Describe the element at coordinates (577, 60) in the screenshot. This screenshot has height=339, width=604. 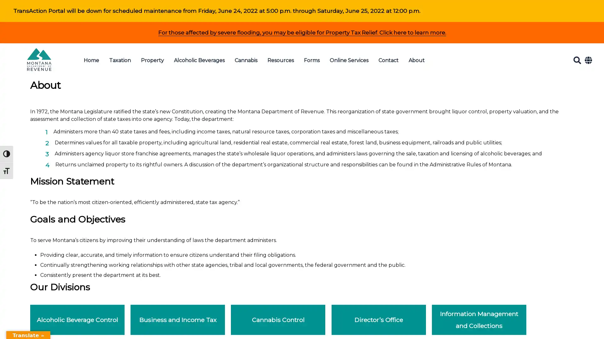
I see `Search` at that location.